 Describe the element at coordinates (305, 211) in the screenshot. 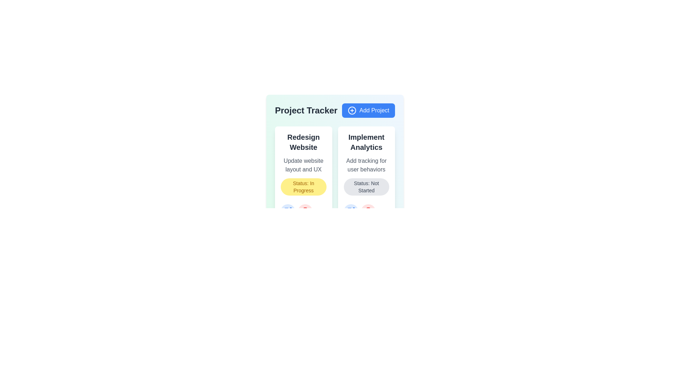

I see `delete button for the project card with the title Redesign Website` at that location.